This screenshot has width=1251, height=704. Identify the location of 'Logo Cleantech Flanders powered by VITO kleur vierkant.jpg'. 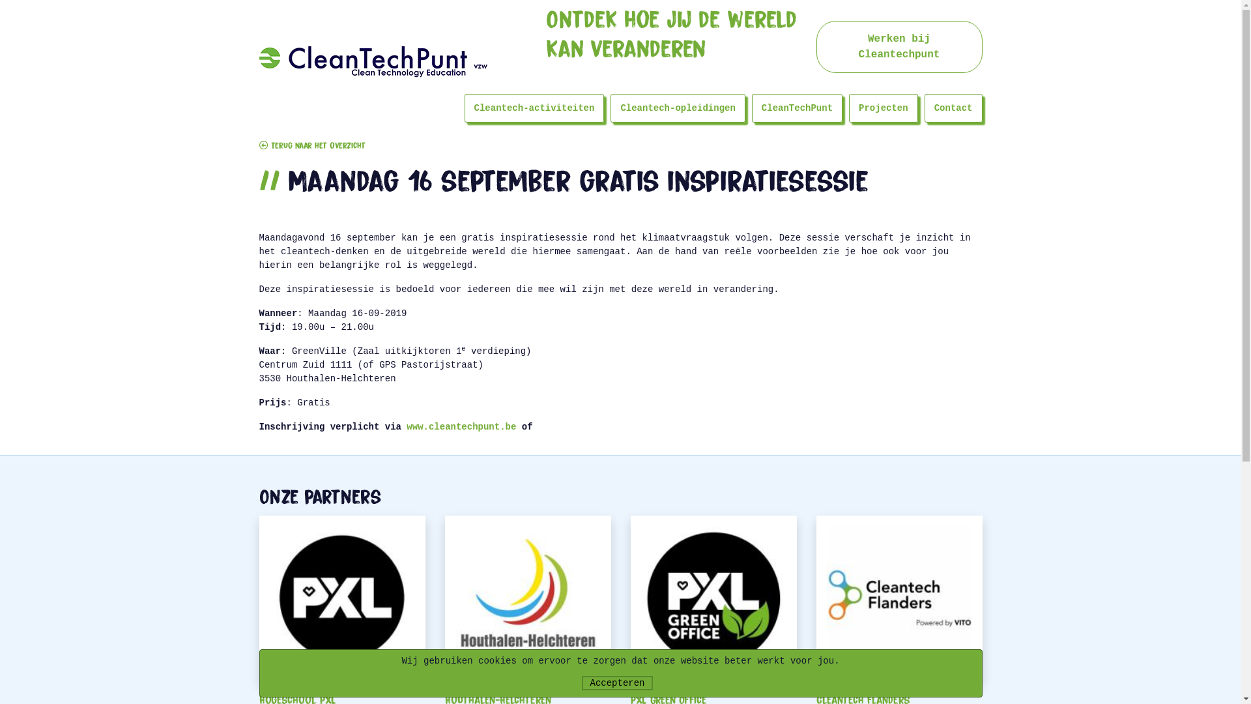
(898, 598).